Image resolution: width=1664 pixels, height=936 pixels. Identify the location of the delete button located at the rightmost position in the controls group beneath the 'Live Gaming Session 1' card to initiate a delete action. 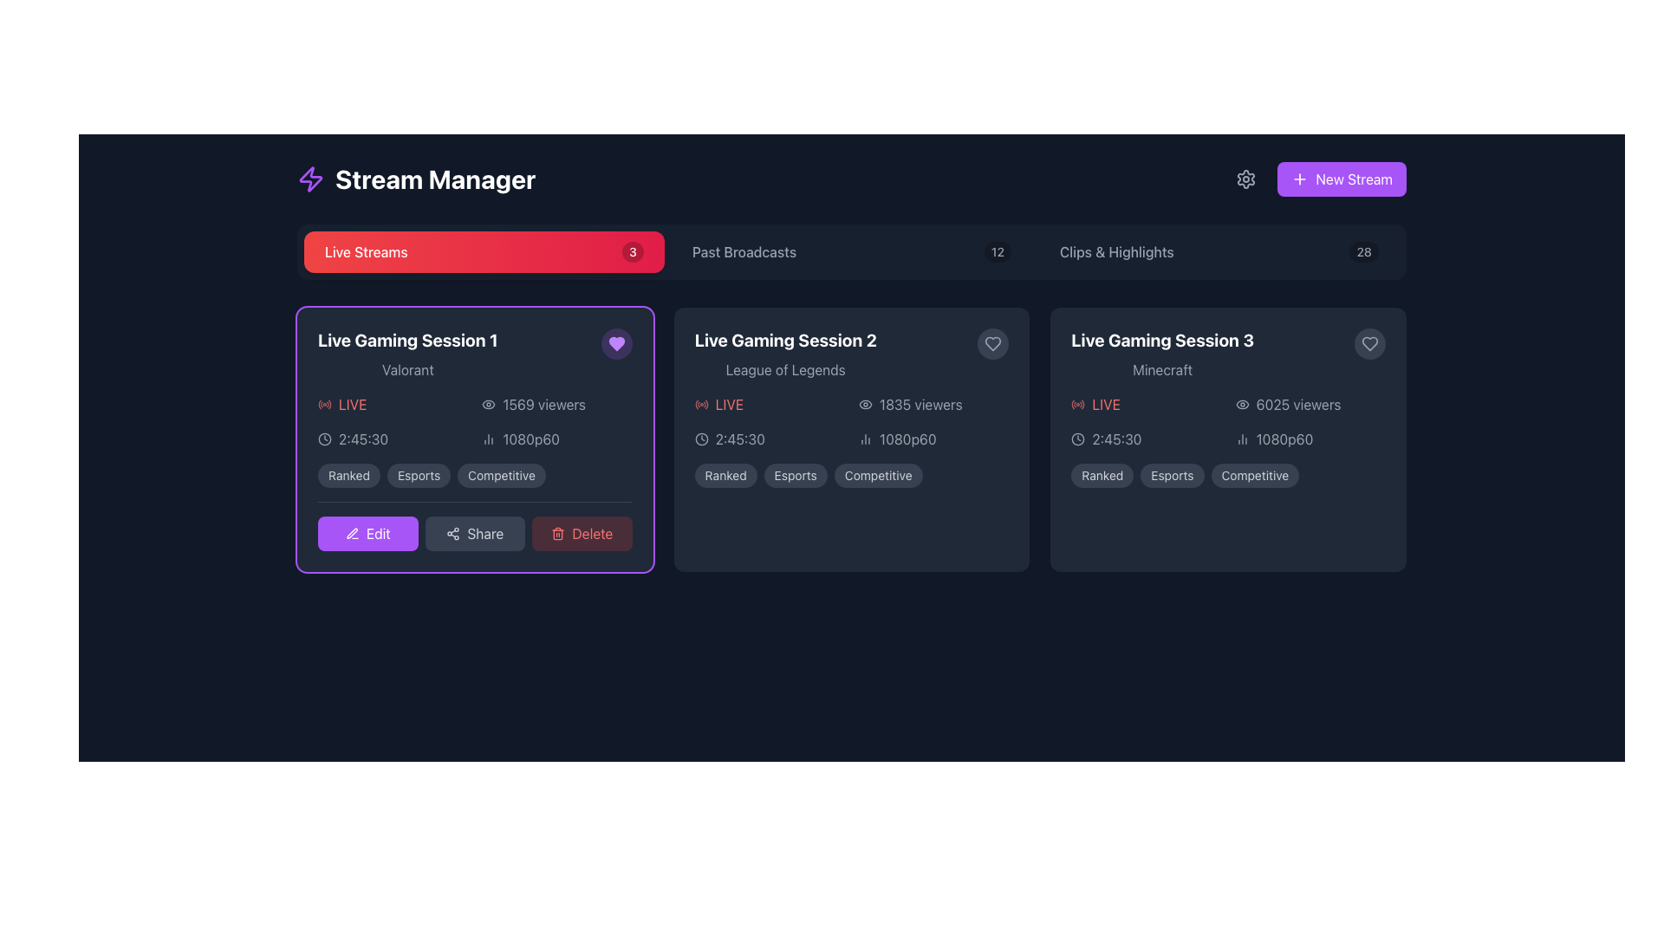
(582, 533).